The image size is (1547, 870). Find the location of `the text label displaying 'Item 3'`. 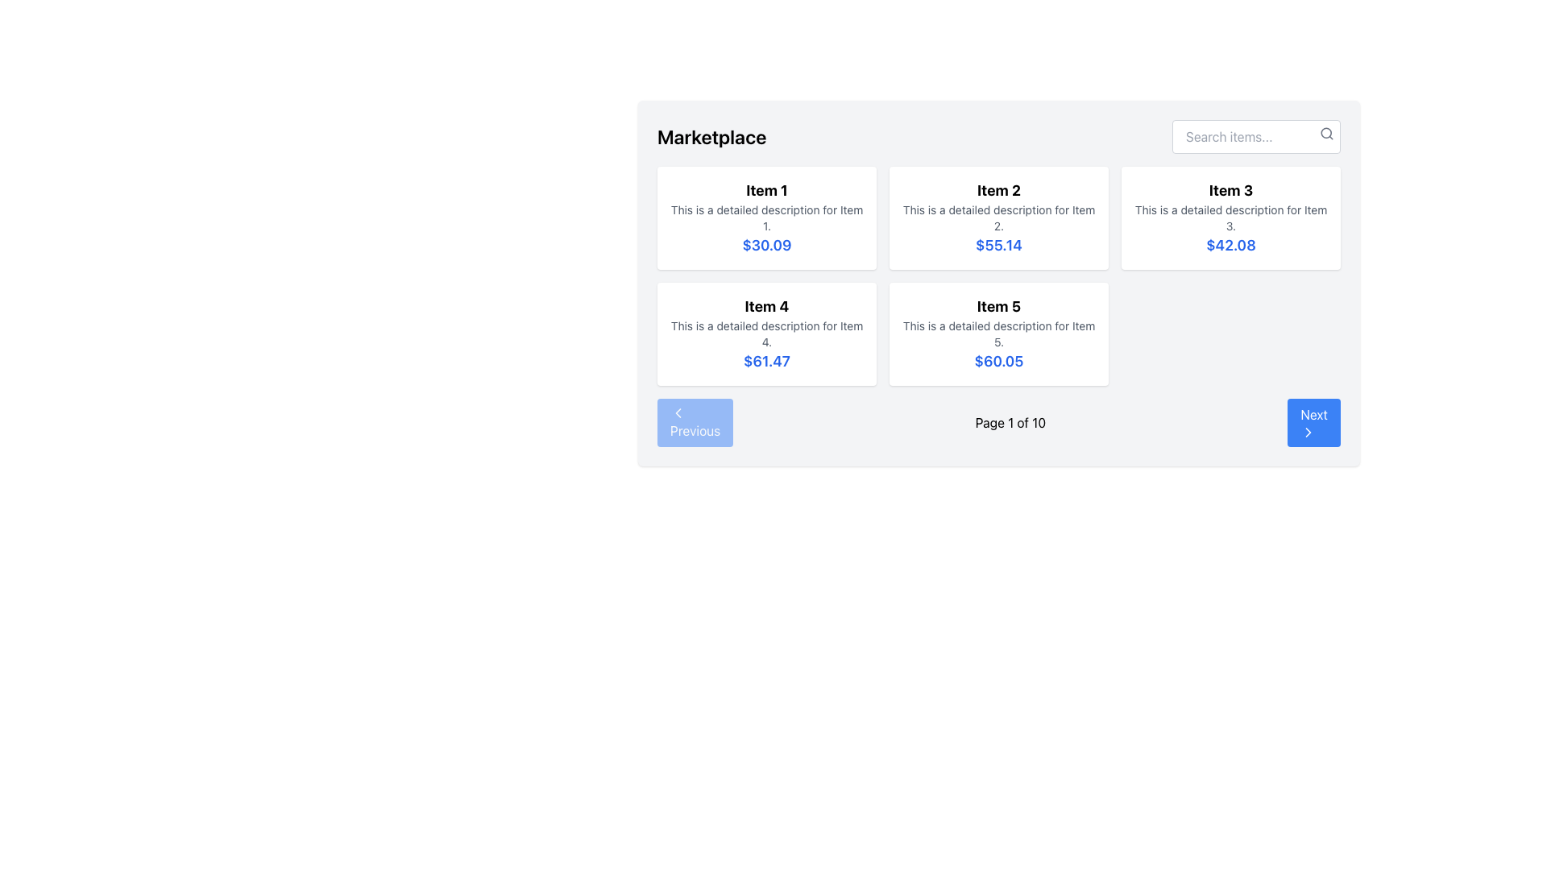

the text label displaying 'Item 3' is located at coordinates (1230, 189).